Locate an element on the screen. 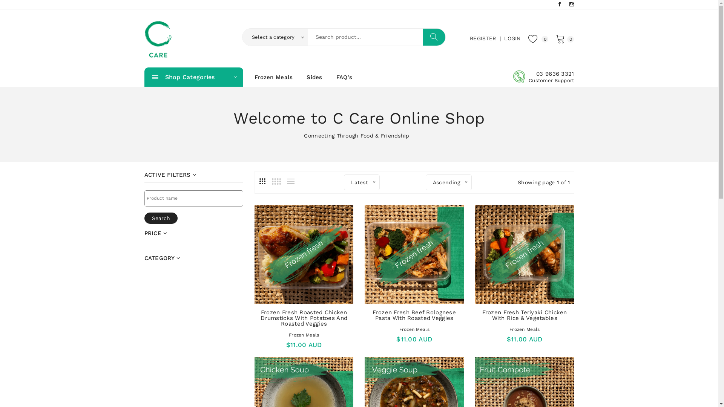 This screenshot has width=724, height=407. 'Search' is located at coordinates (160, 218).